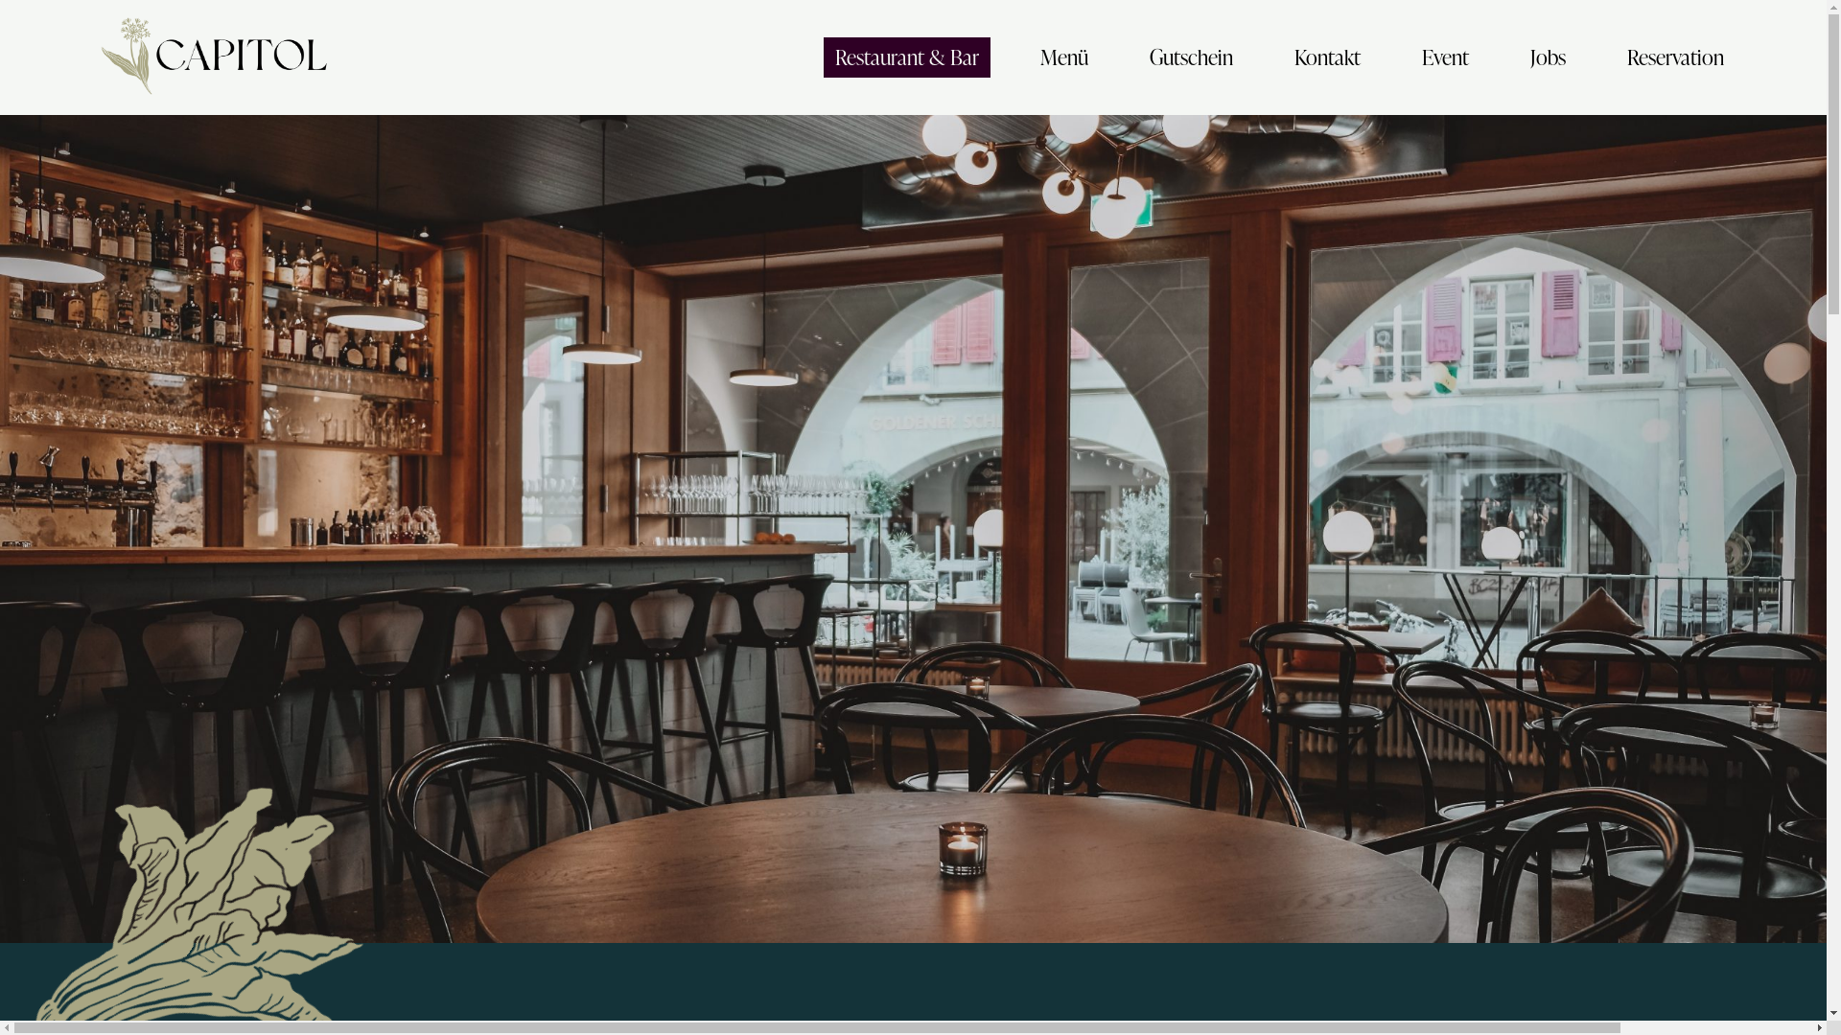  What do you see at coordinates (1326, 57) in the screenshot?
I see `'Kontakt'` at bounding box center [1326, 57].